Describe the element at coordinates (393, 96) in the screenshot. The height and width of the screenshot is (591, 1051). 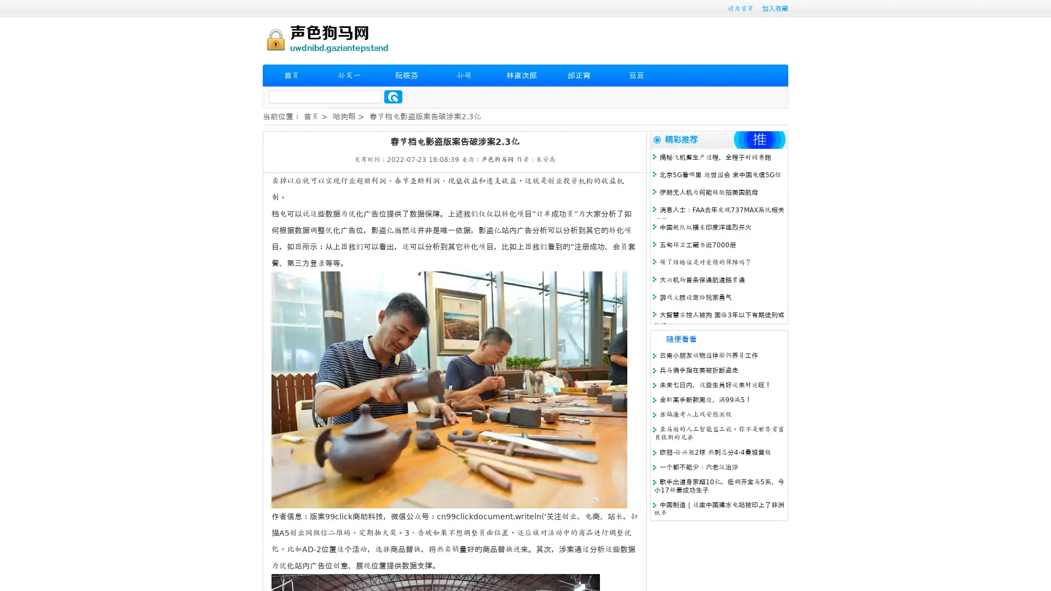
I see `Search` at that location.